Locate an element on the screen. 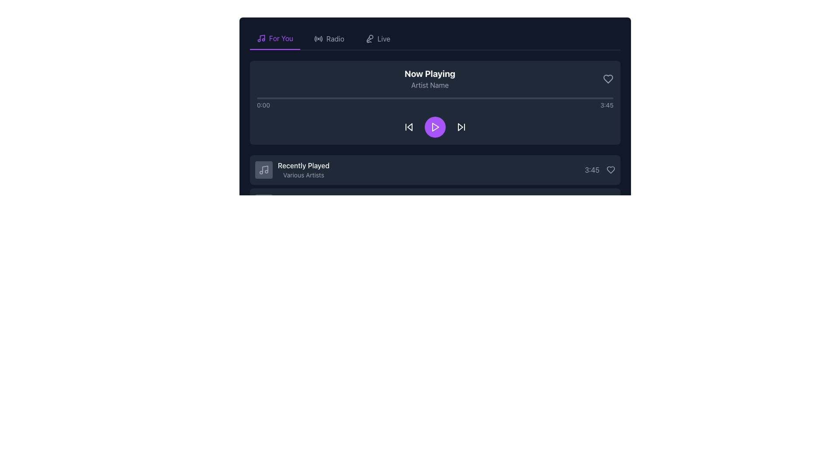 This screenshot has height=472, width=839. the heart-shaped icon button located at the top-right corner of the 'Now Playing' section to mark it as favorite is located at coordinates (608, 79).